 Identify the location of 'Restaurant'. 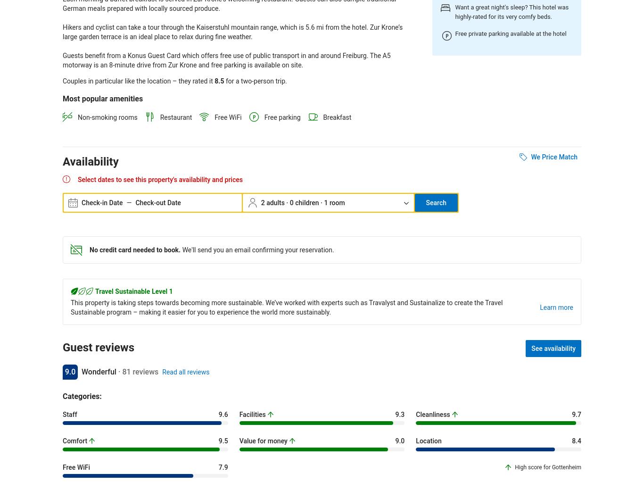
(175, 116).